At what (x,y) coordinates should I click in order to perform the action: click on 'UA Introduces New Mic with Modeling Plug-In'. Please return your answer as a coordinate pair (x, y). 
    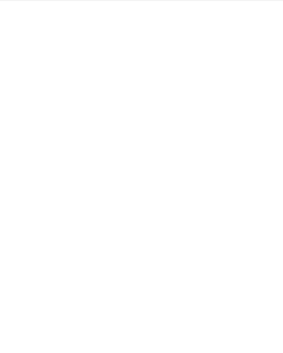
    Looking at the image, I should click on (70, 207).